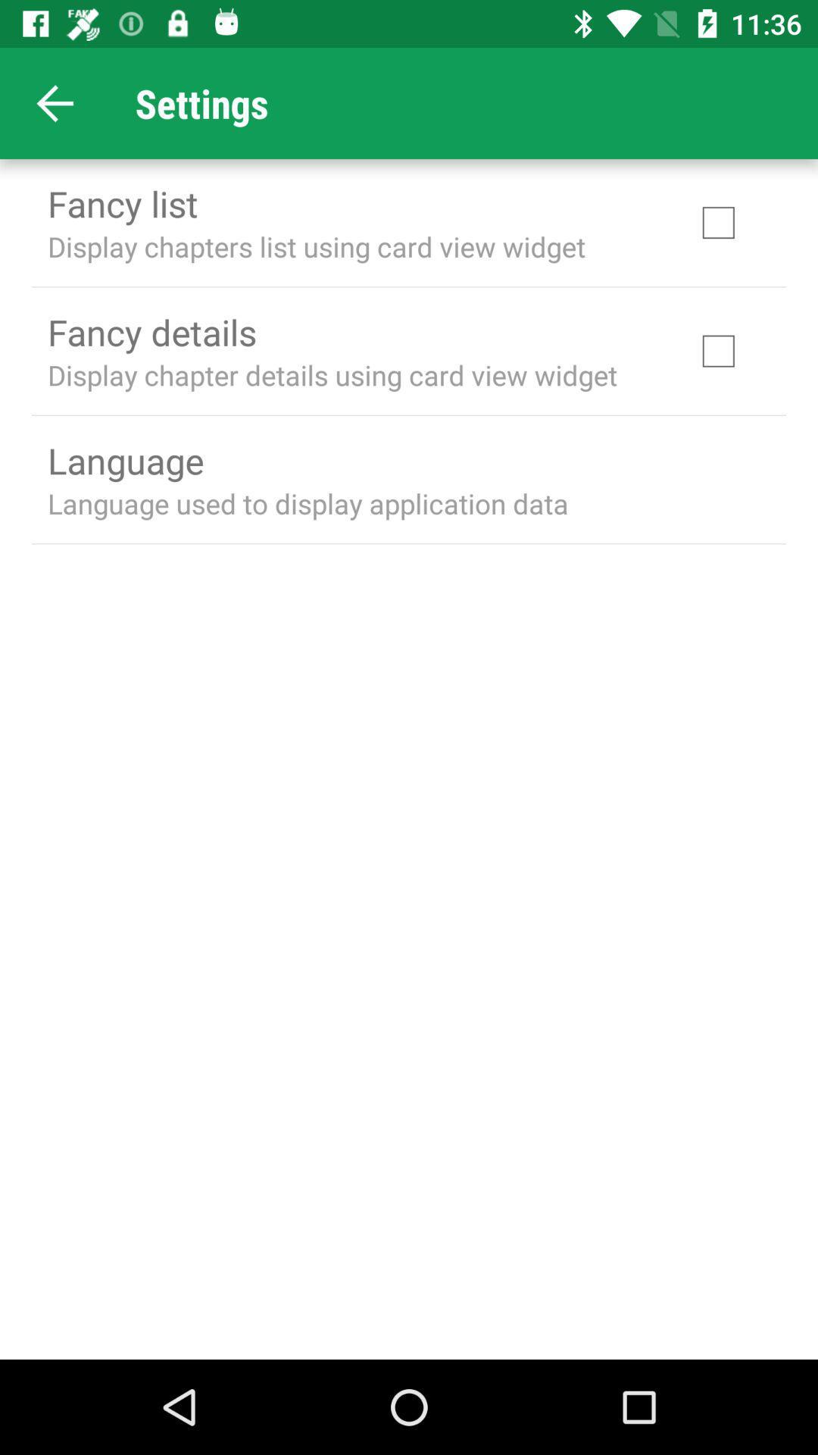  I want to click on item above language, so click(332, 374).